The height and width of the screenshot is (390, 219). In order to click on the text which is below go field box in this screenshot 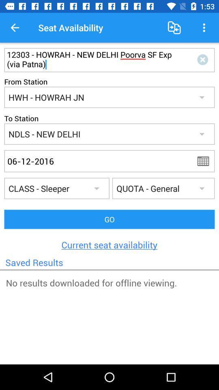, I will do `click(109, 244)`.